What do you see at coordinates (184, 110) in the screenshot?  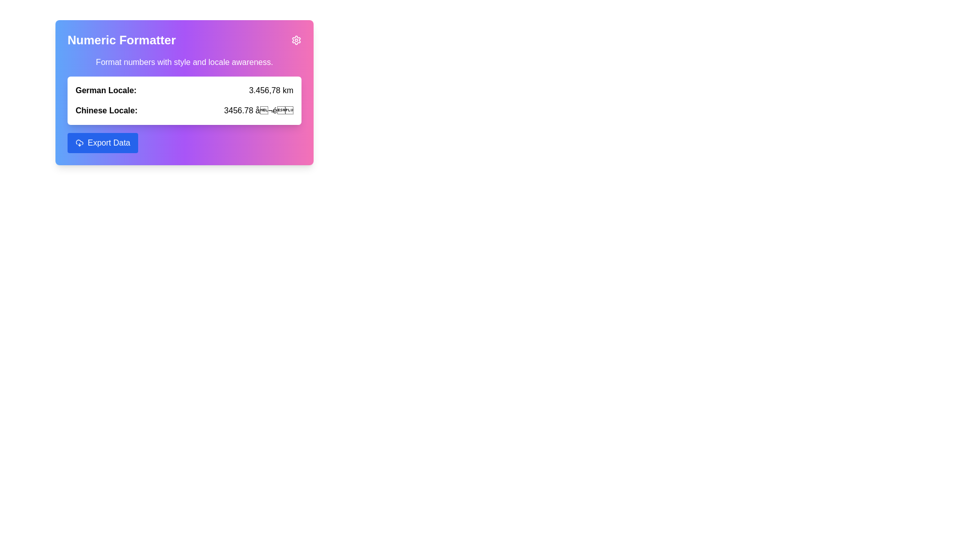 I see `the Data display row labeled 'Chinese Locale:' which contains the value '3456.78 åå¬éé87é' for further action` at bounding box center [184, 110].